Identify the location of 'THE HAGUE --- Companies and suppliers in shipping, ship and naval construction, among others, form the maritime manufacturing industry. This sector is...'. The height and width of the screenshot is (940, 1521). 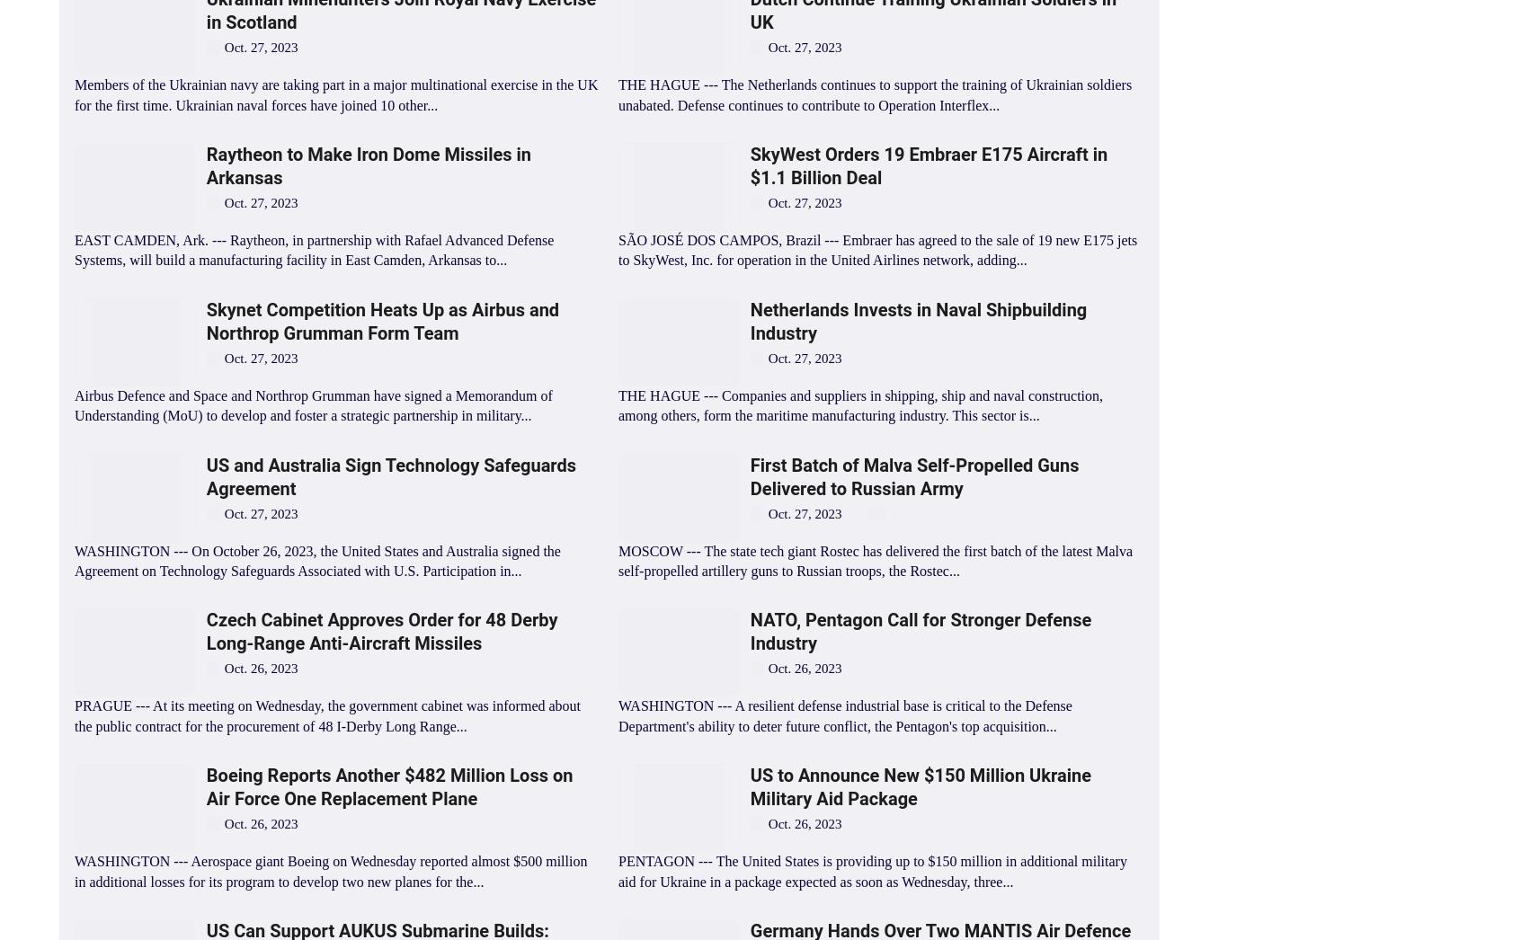
(618, 404).